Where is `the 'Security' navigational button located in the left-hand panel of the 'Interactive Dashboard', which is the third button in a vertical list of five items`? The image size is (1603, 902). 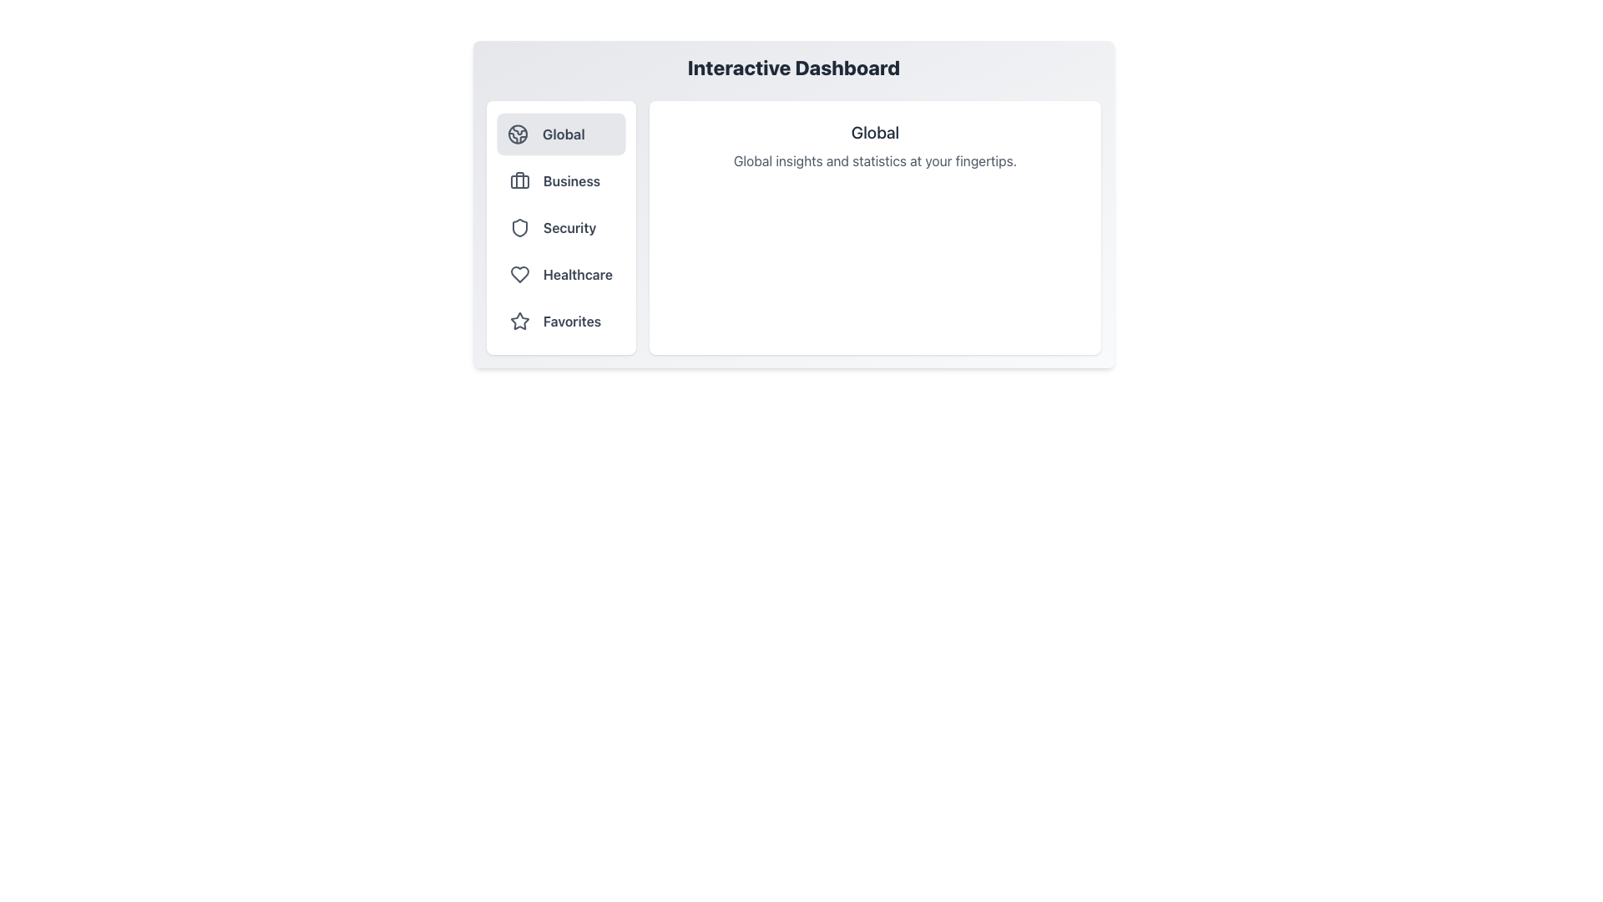
the 'Security' navigational button located in the left-hand panel of the 'Interactive Dashboard', which is the third button in a vertical list of five items is located at coordinates (561, 228).